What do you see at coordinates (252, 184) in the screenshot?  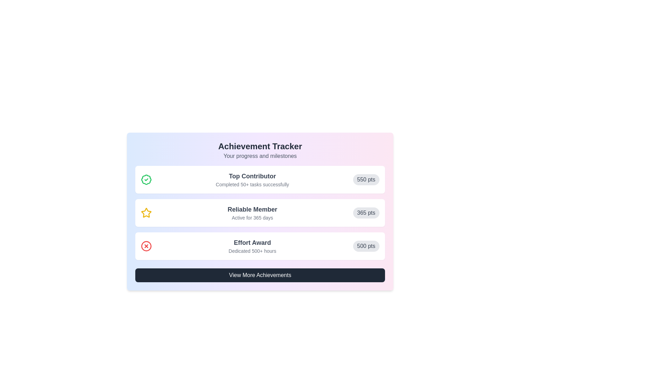 I see `the achievement description text for the 'Top Contributor' title located beneath the 'Top Contributor' title within its card section` at bounding box center [252, 184].